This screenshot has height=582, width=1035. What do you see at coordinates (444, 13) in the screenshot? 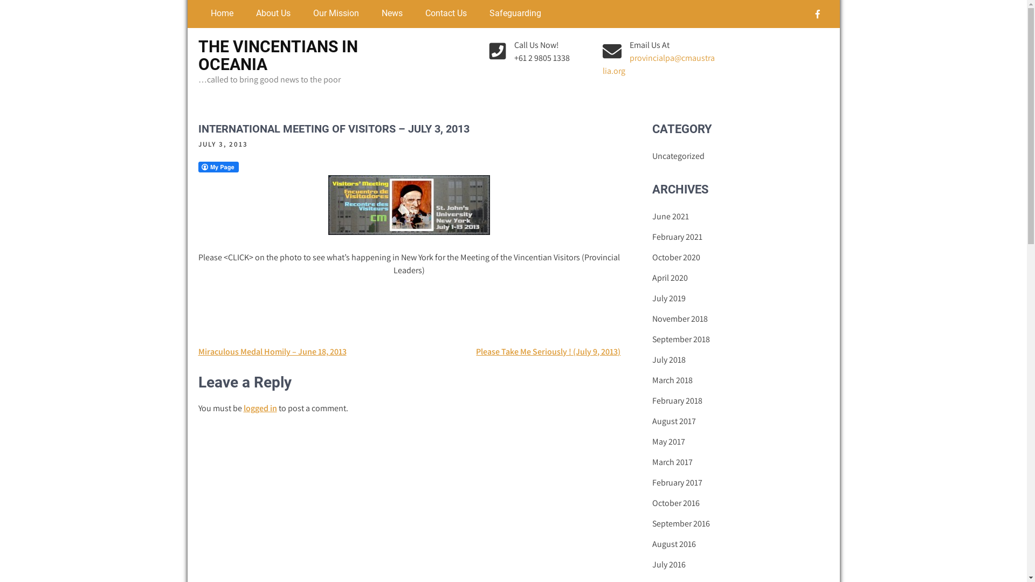
I see `'Contact Us'` at bounding box center [444, 13].